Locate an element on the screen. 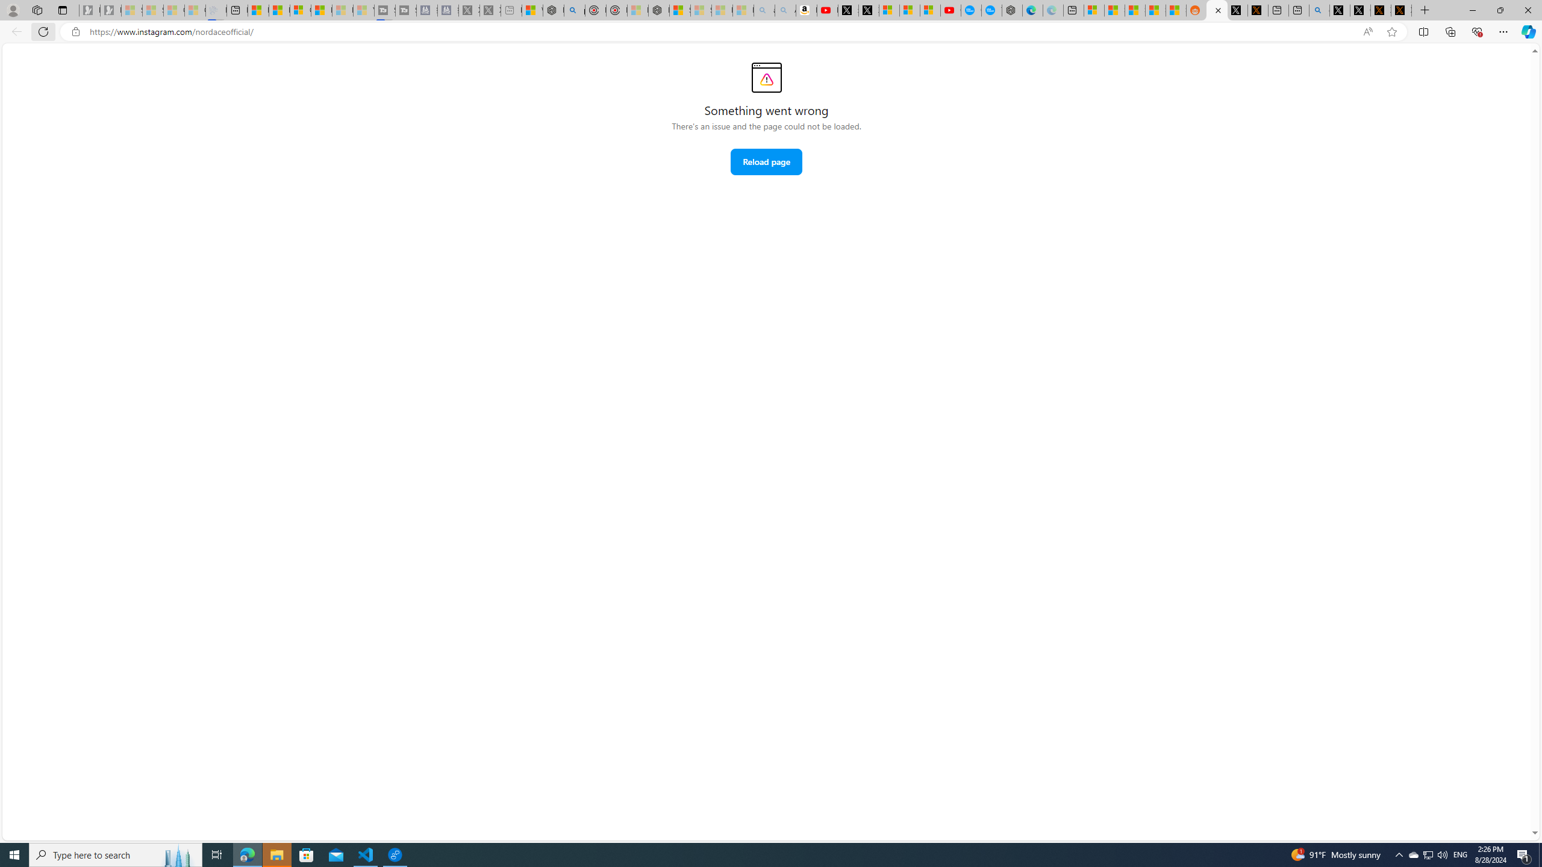  'Shanghai, China Weather trends | Microsoft Weather' is located at coordinates (1176, 10).